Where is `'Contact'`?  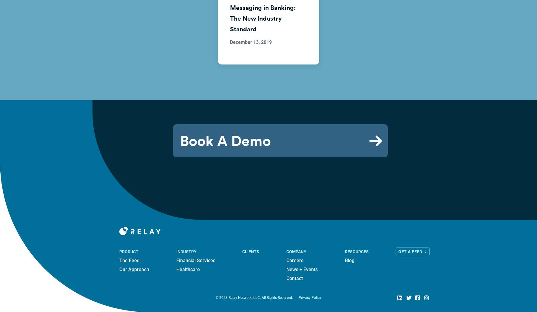 'Contact' is located at coordinates (294, 278).